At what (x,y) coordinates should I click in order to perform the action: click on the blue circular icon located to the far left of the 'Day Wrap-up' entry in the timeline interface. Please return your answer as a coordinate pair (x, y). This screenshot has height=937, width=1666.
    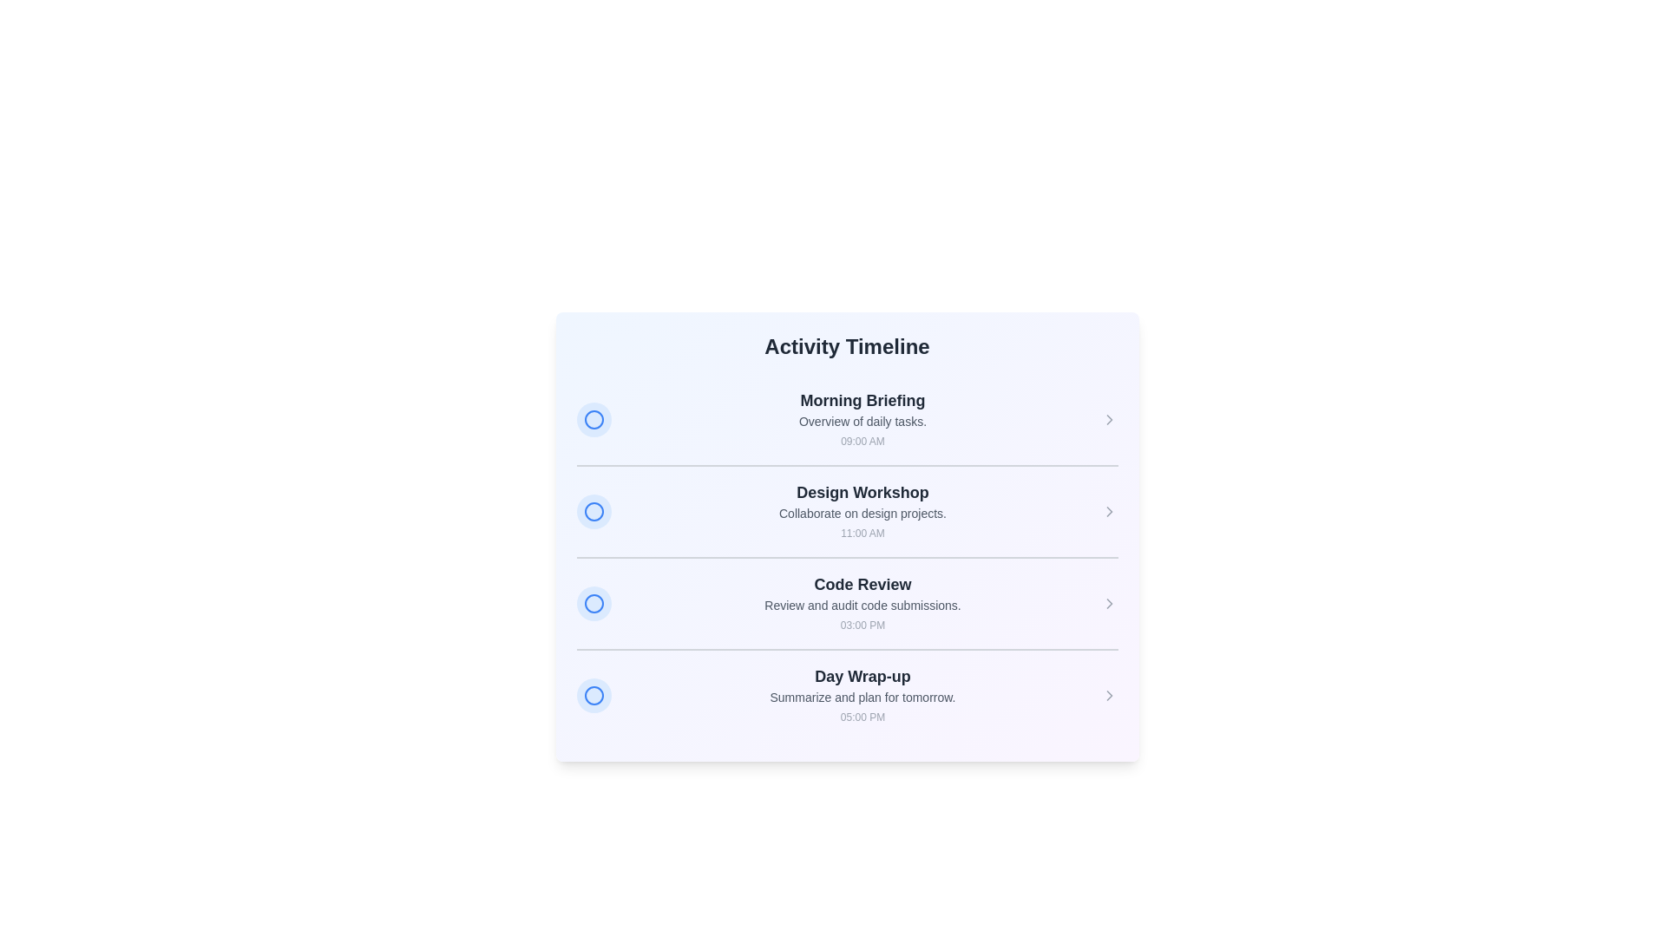
    Looking at the image, I should click on (594, 695).